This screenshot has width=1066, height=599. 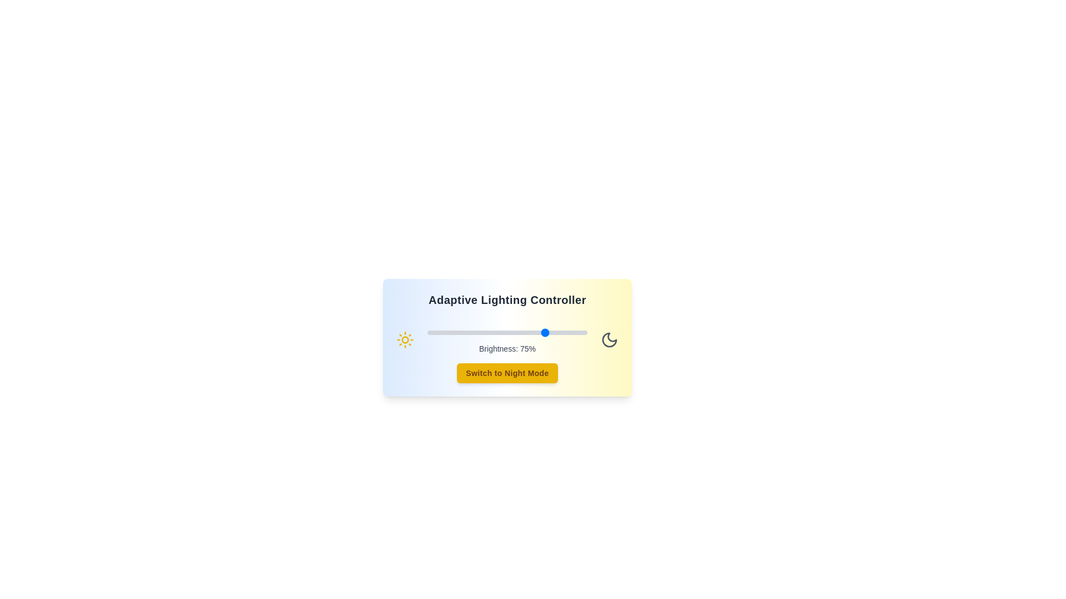 What do you see at coordinates (577, 332) in the screenshot?
I see `the brightness level` at bounding box center [577, 332].